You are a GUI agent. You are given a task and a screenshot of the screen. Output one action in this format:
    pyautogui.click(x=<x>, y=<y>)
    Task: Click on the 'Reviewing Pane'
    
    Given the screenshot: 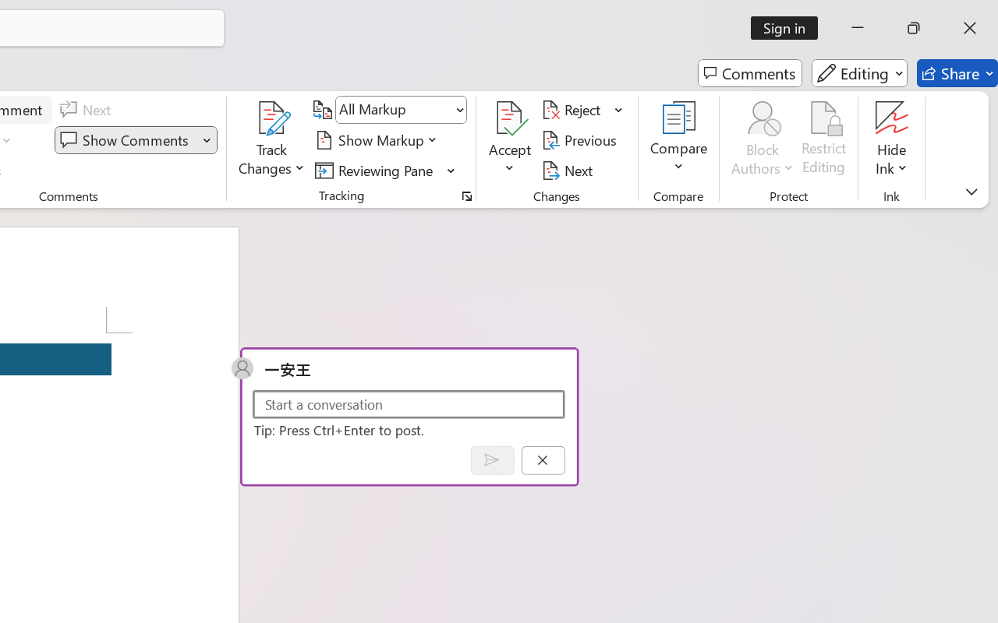 What is the action you would take?
    pyautogui.click(x=385, y=170)
    